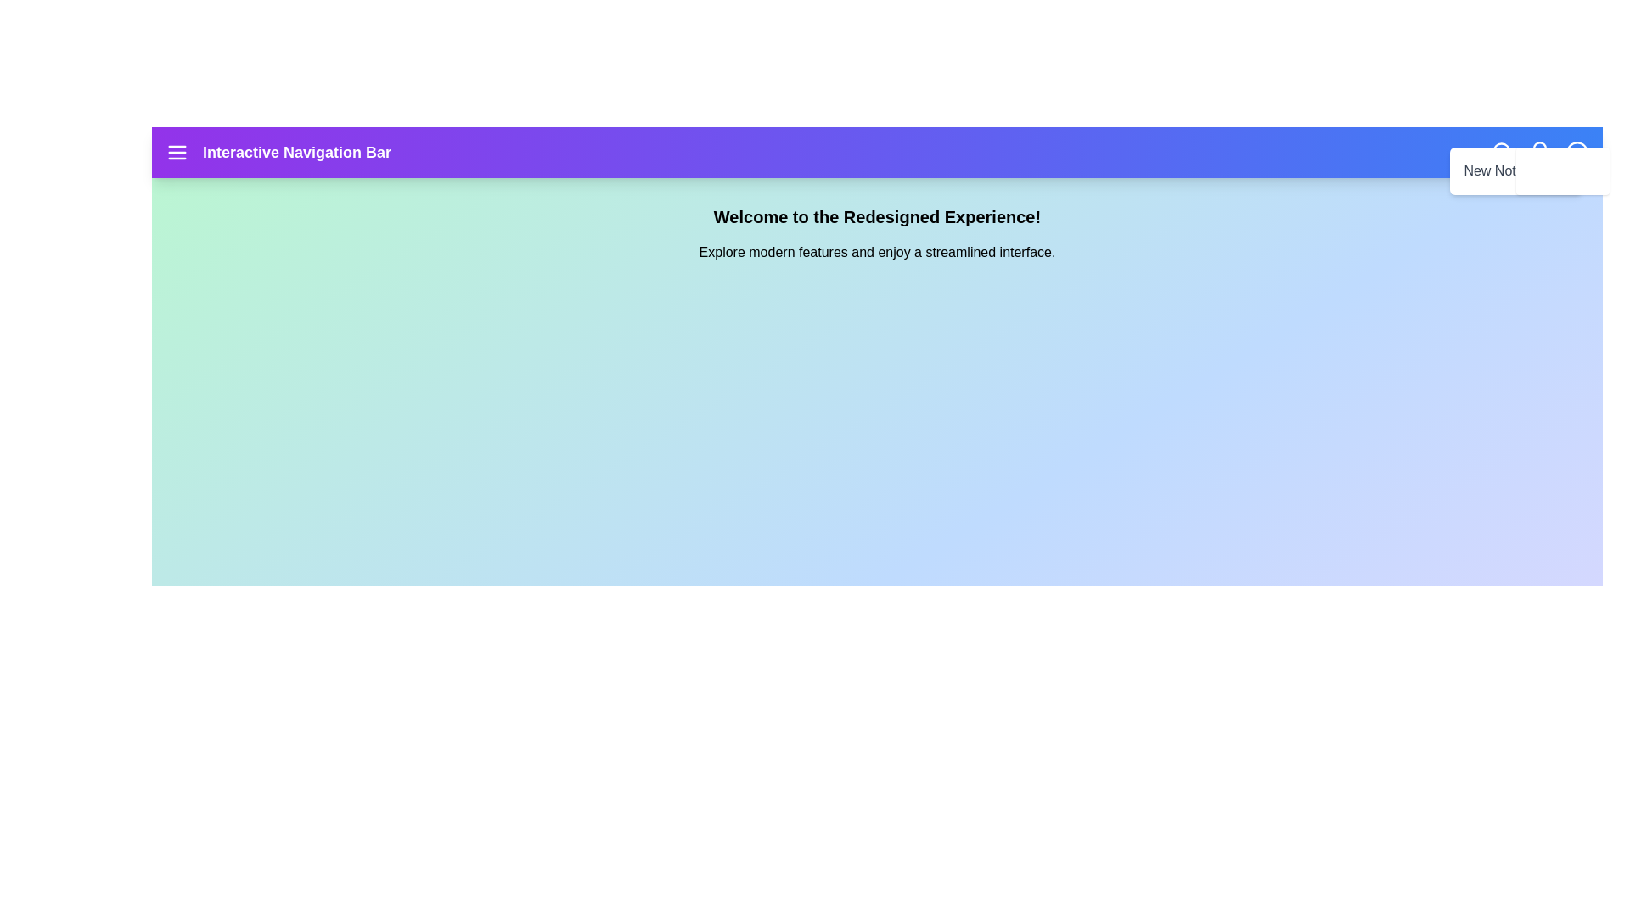 The width and height of the screenshot is (1630, 916). I want to click on the bell icon to toggle the visibility of notifications, so click(1540, 153).